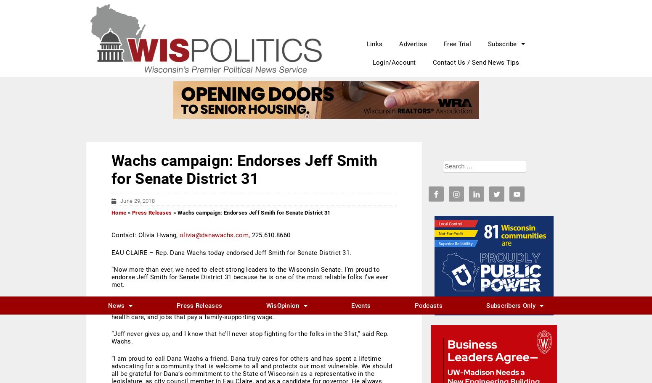  I want to click on '8:30 am', so click(469, 166).